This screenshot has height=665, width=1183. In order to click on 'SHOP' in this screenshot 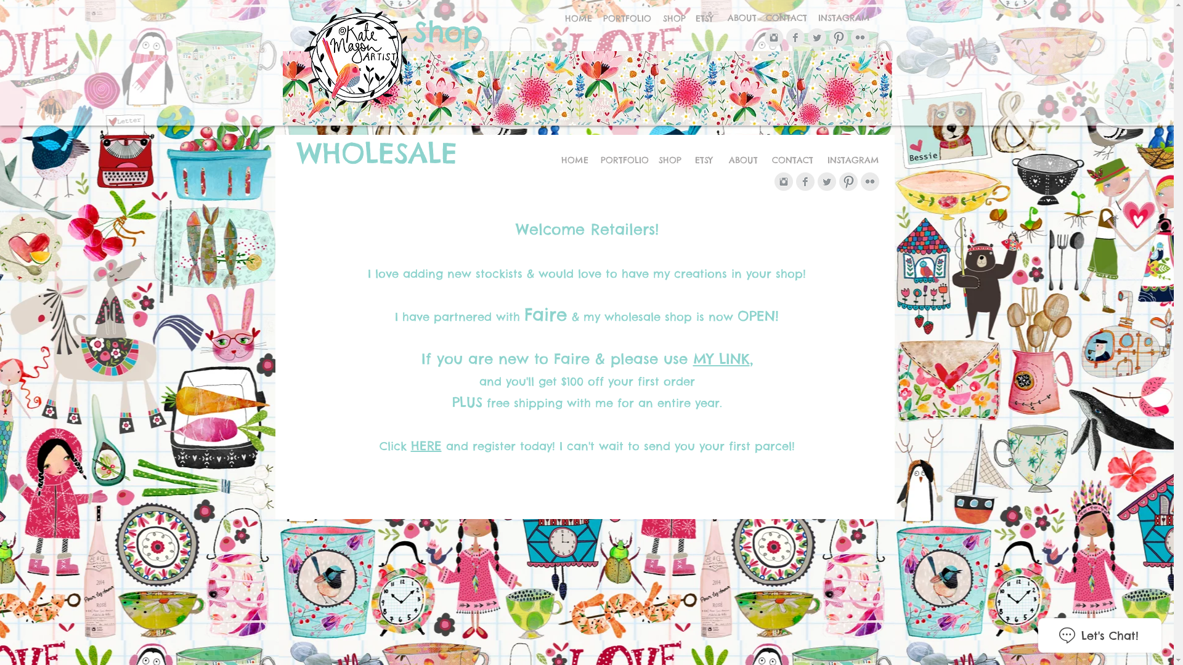, I will do `click(670, 160)`.